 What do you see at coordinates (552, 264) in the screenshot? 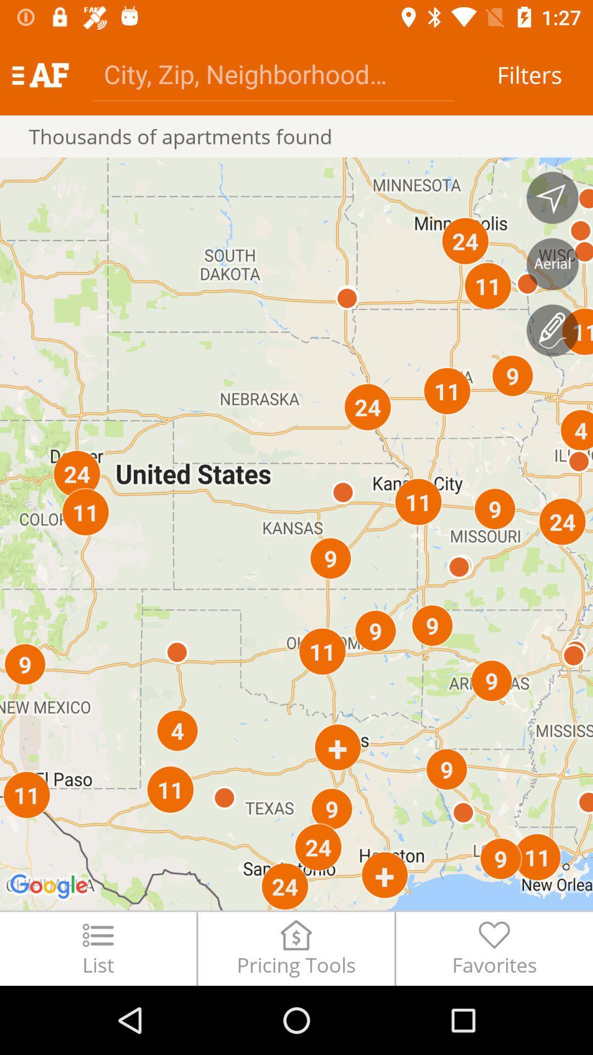
I see `aerial view` at bounding box center [552, 264].